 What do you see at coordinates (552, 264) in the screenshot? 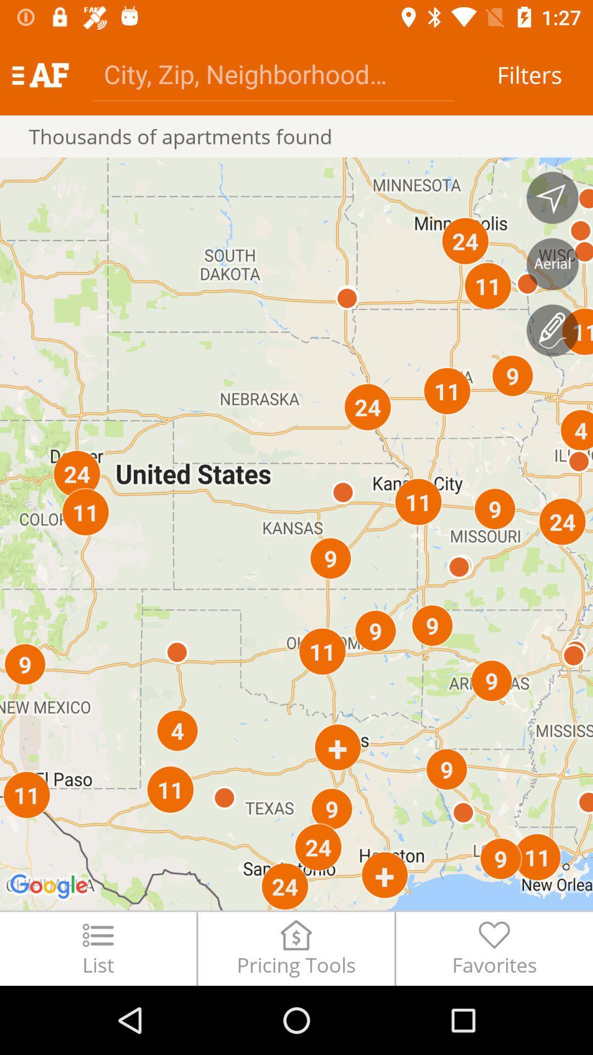
I see `aerial view` at bounding box center [552, 264].